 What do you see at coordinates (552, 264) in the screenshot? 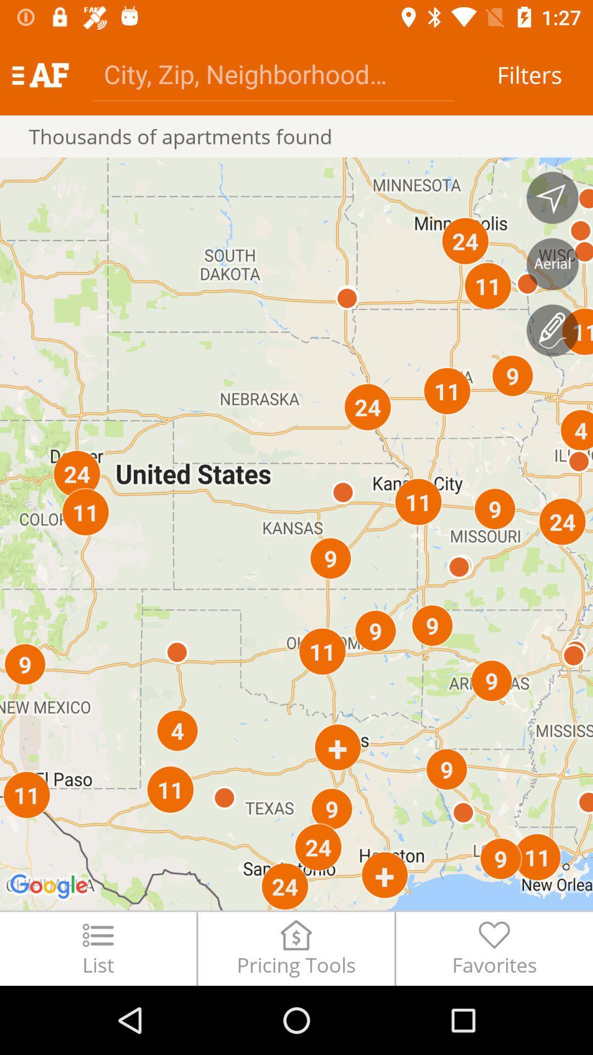
I see `aerial view` at bounding box center [552, 264].